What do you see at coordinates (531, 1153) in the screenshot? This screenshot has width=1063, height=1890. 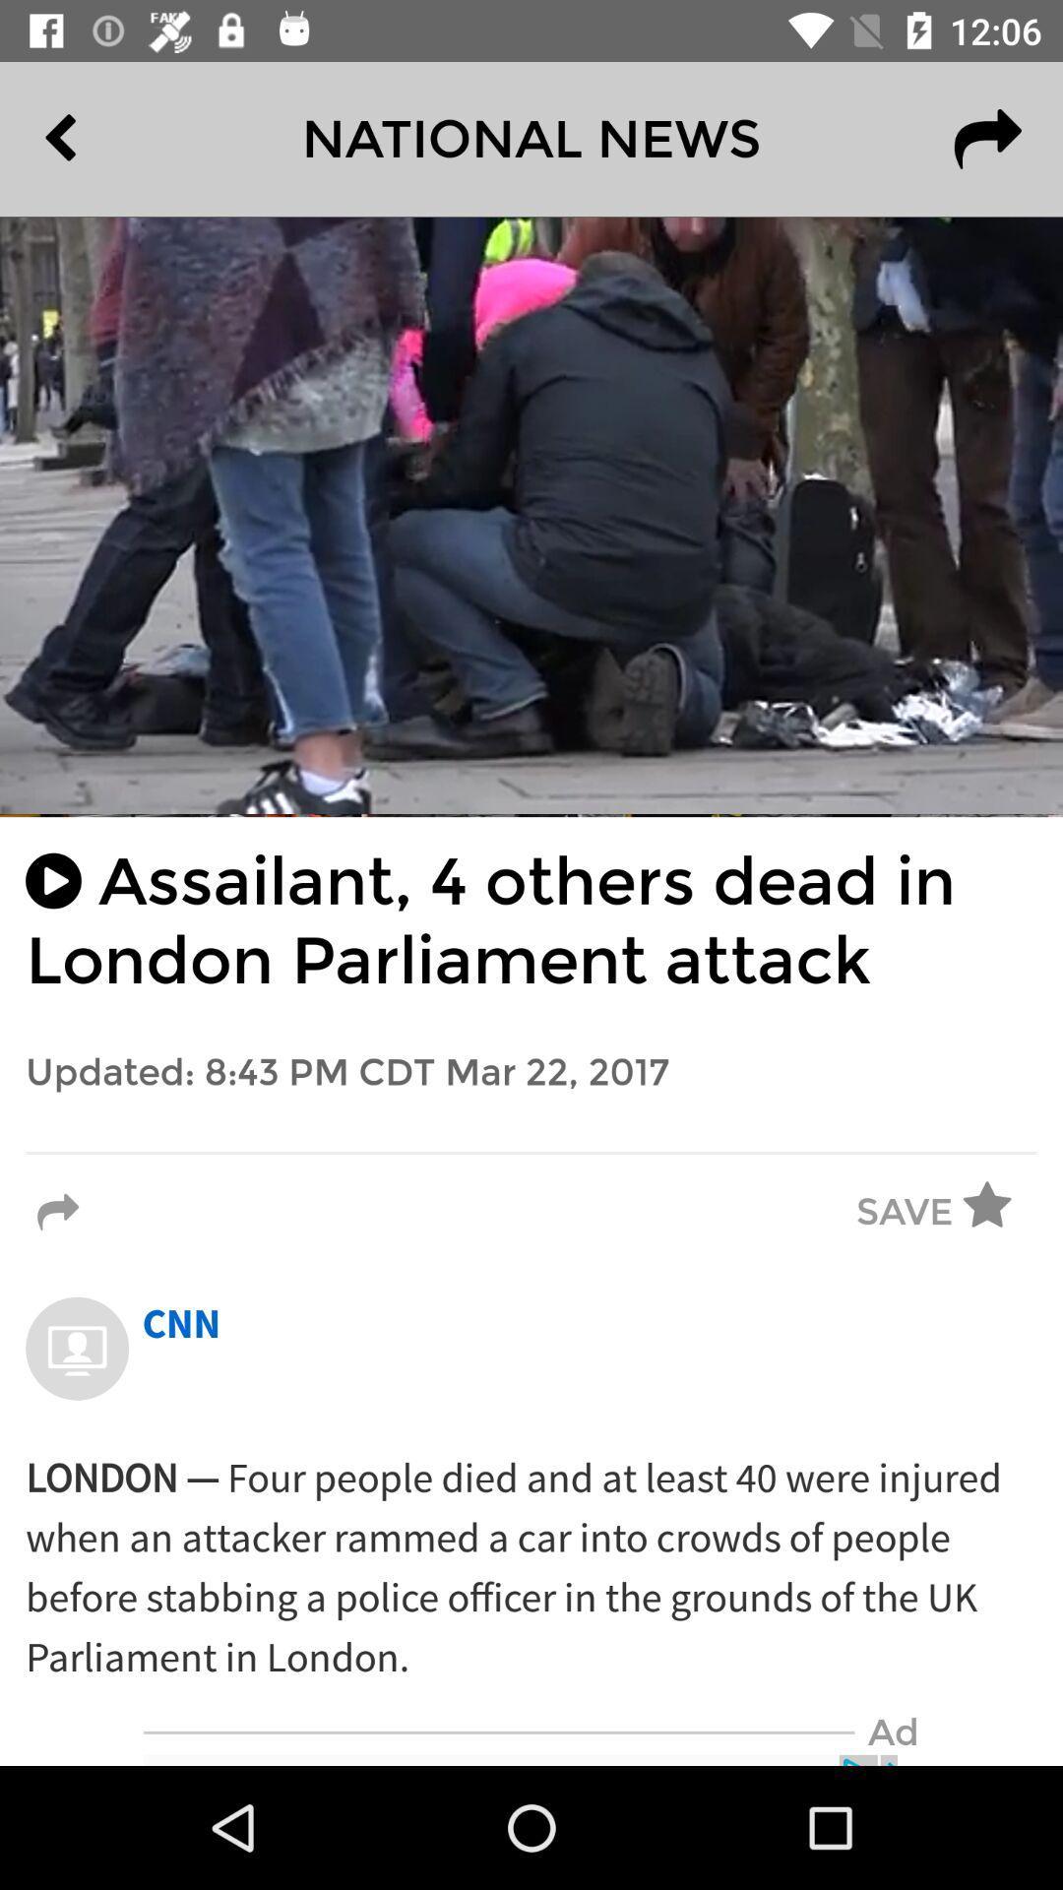 I see `the icon below the updated 8 43 item` at bounding box center [531, 1153].